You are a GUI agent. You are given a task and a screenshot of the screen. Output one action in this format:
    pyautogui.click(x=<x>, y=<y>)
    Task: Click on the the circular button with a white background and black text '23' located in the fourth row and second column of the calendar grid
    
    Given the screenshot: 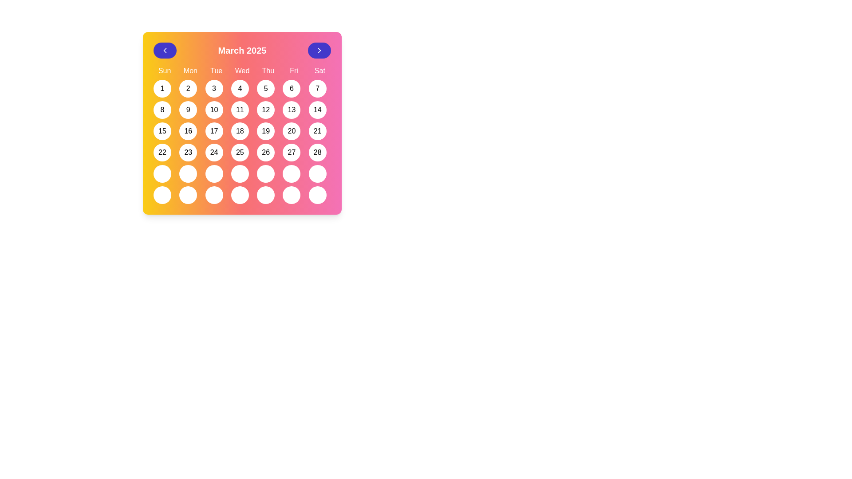 What is the action you would take?
    pyautogui.click(x=188, y=152)
    